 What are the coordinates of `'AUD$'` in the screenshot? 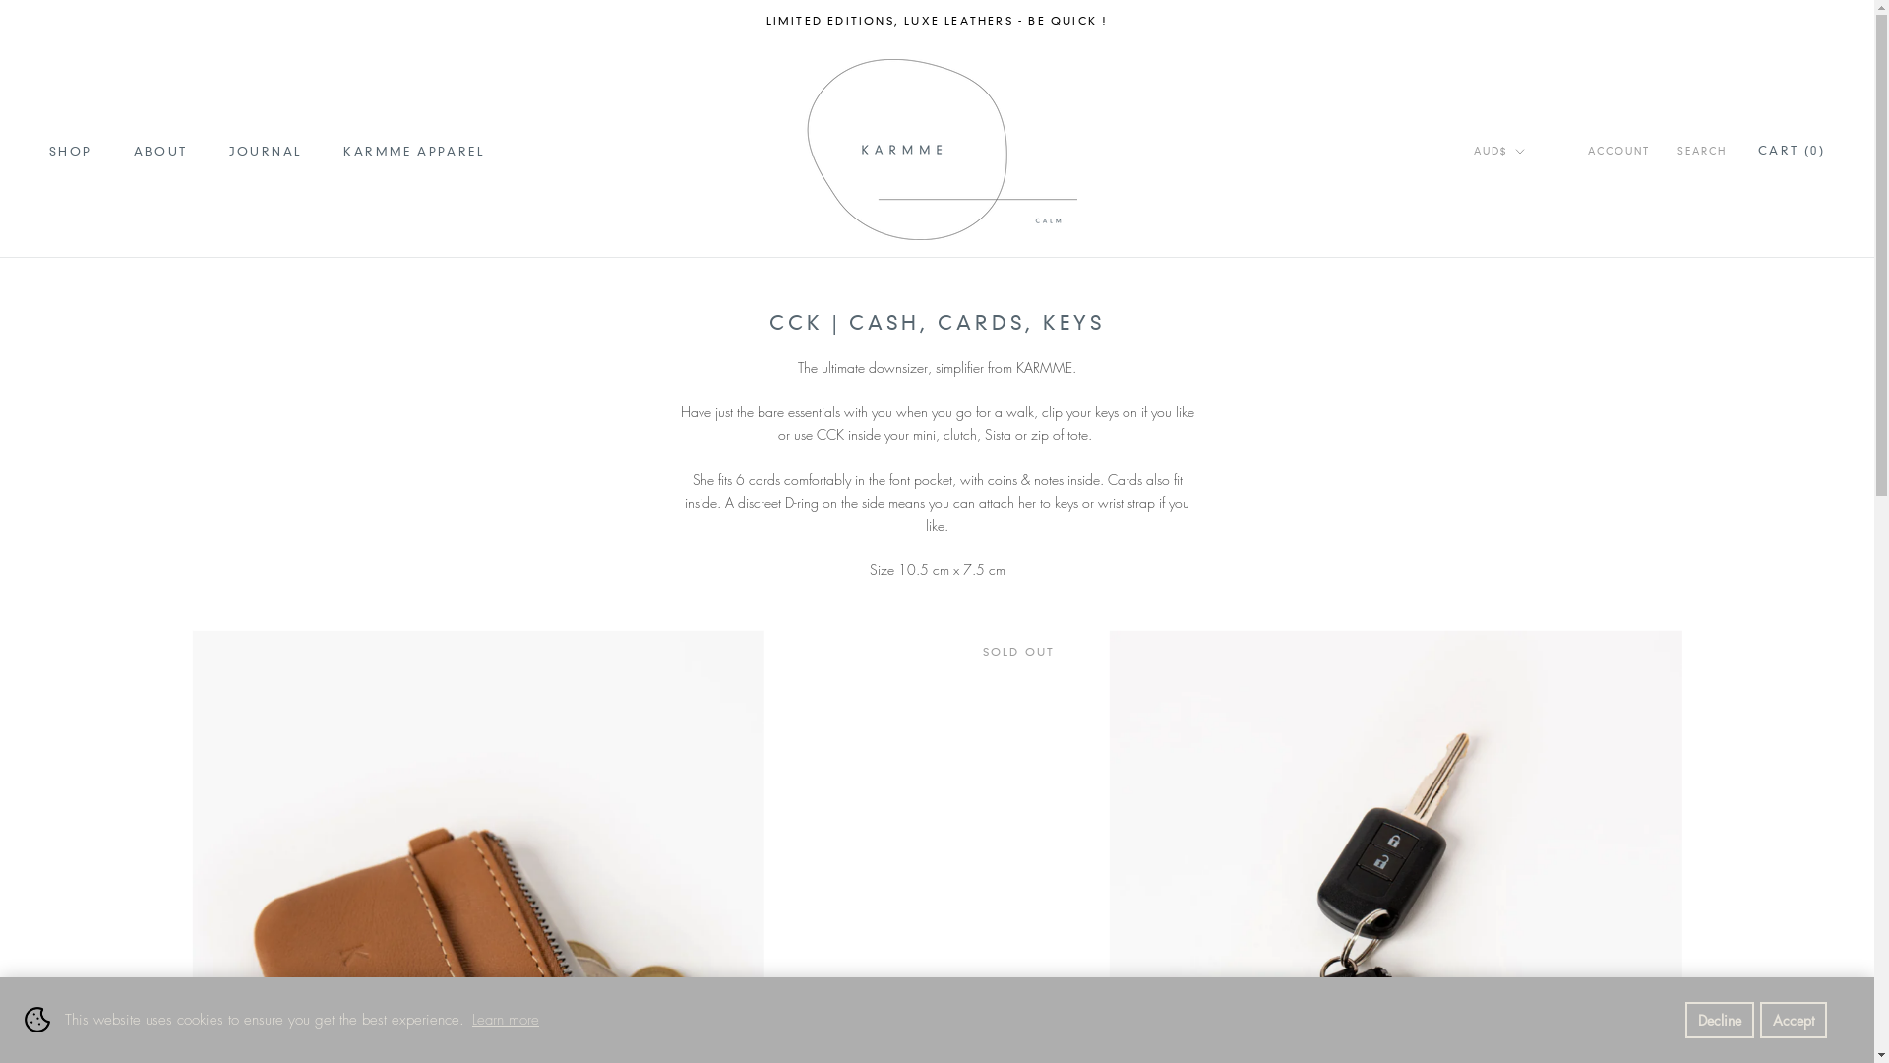 It's located at (1497, 151).